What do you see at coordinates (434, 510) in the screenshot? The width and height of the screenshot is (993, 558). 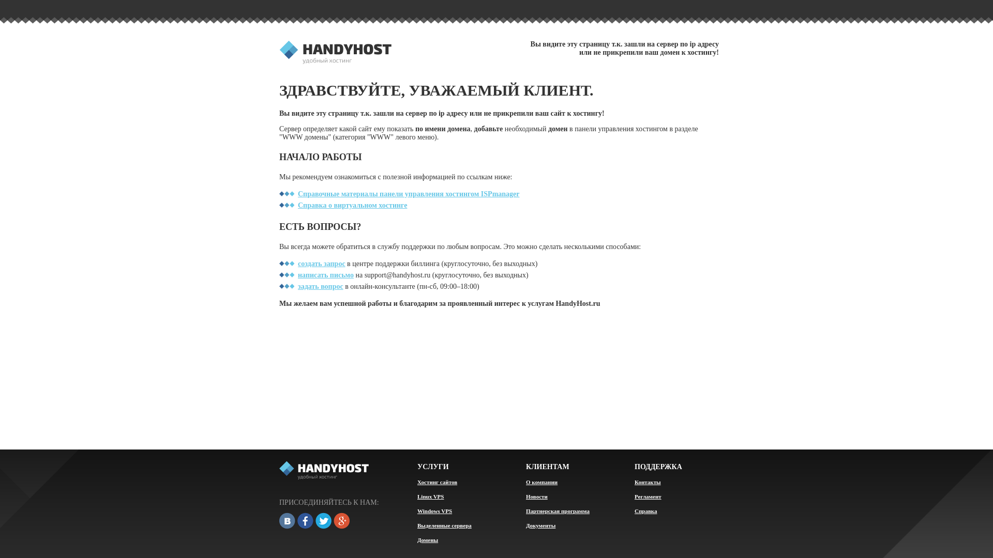 I see `'Windows VPS'` at bounding box center [434, 510].